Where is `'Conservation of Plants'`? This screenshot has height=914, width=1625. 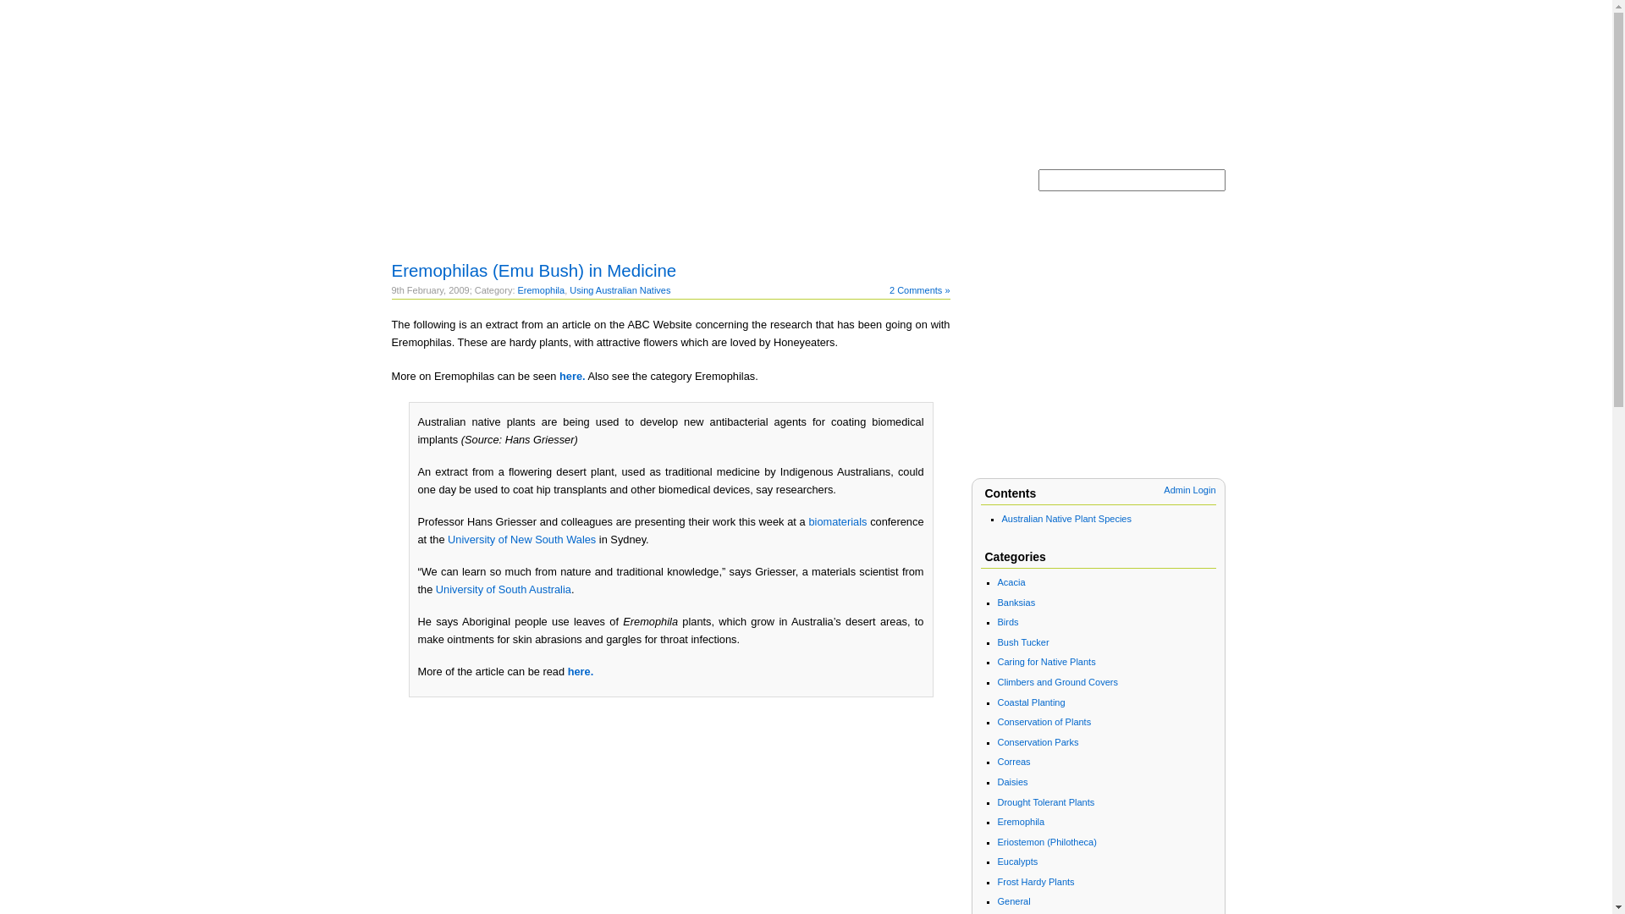 'Conservation of Plants' is located at coordinates (996, 721).